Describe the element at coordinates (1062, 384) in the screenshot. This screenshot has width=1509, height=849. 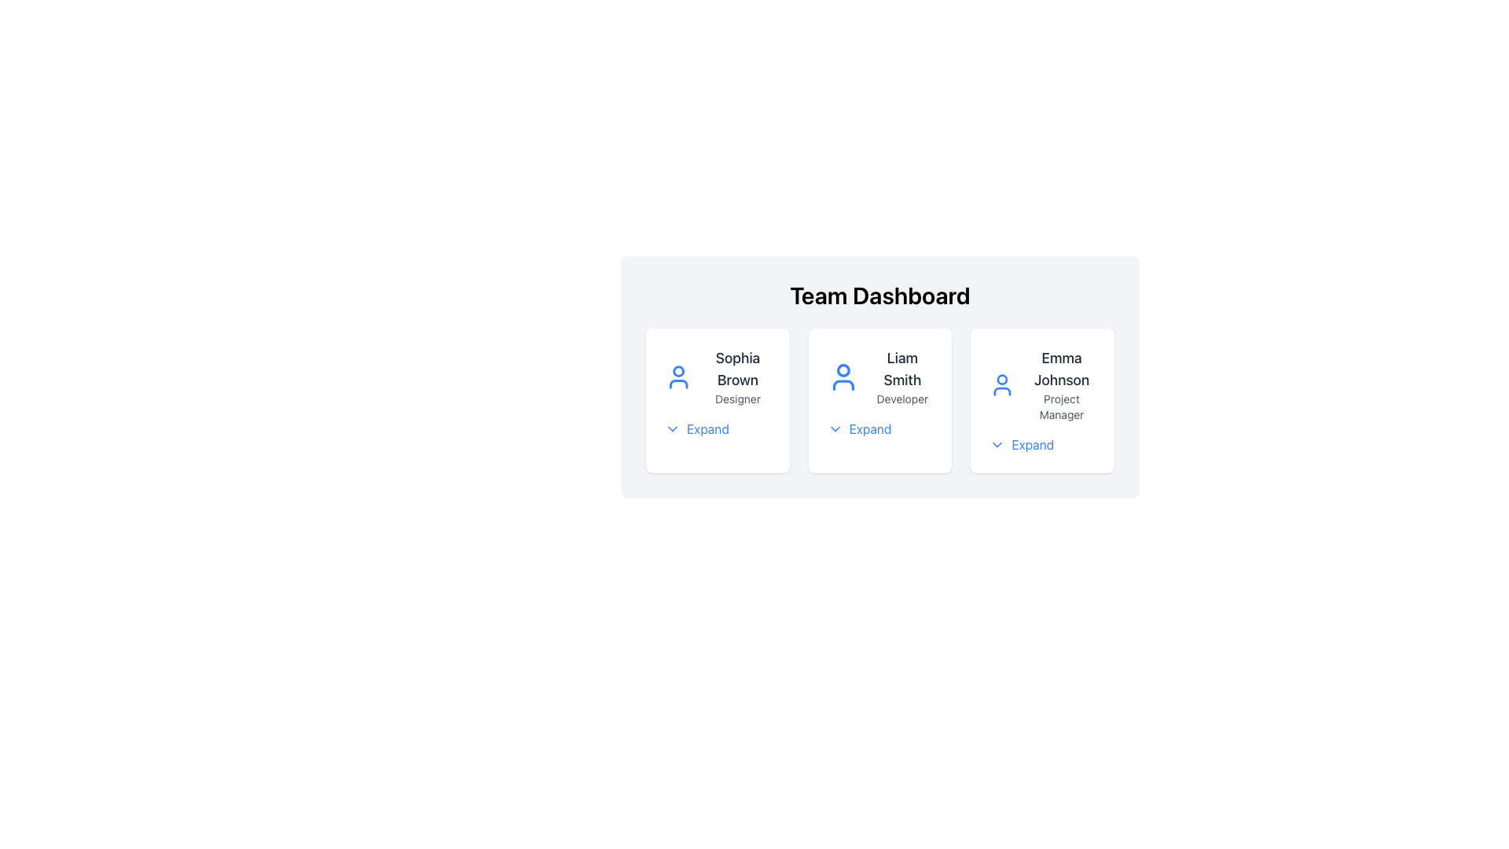
I see `the text display element that shows 'Emma Johnson' above the title 'Project Manager', part of the profile cards on the Team Dashboard` at that location.